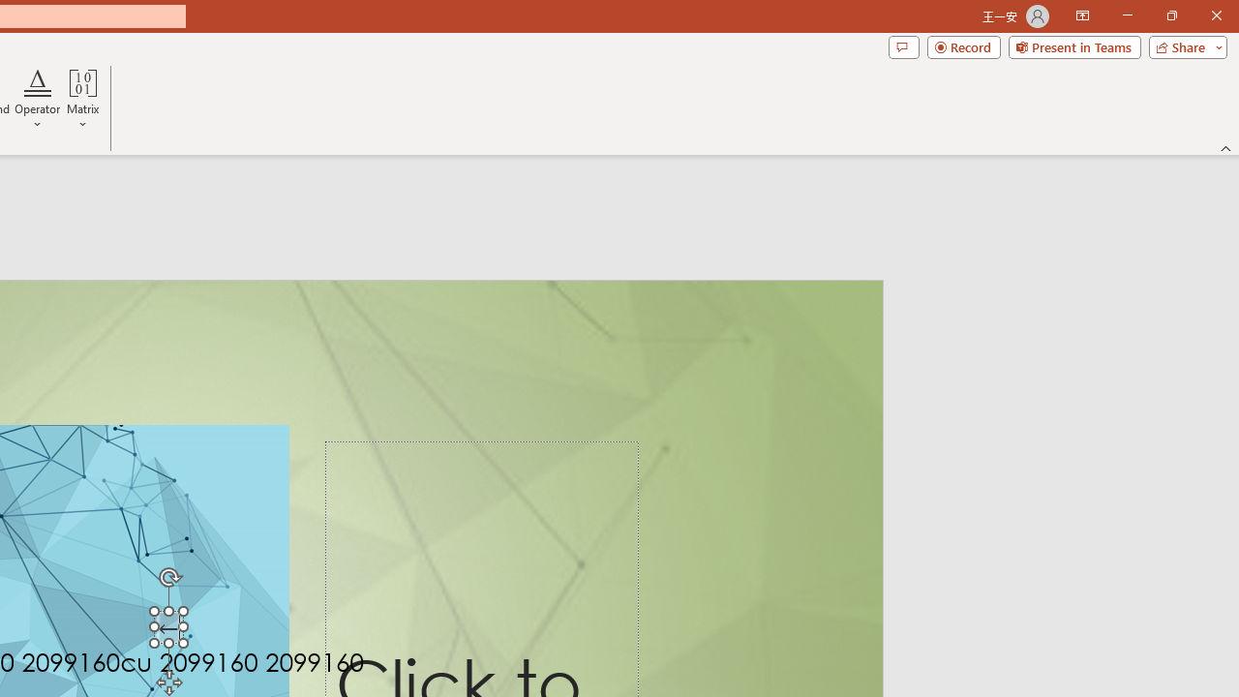 Image resolution: width=1239 pixels, height=697 pixels. Describe the element at coordinates (82, 100) in the screenshot. I see `'Matrix'` at that location.